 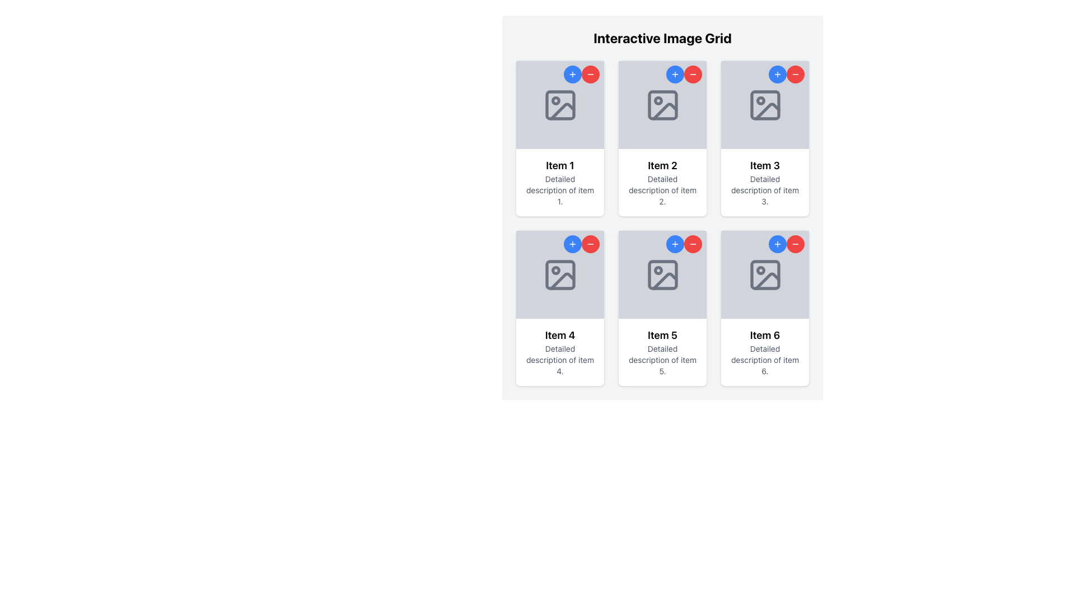 I want to click on the decrement button ('-') located in the upper-right corner of the gray background card labeled 'Item 5', which is part of the grid layout, so click(x=684, y=243).